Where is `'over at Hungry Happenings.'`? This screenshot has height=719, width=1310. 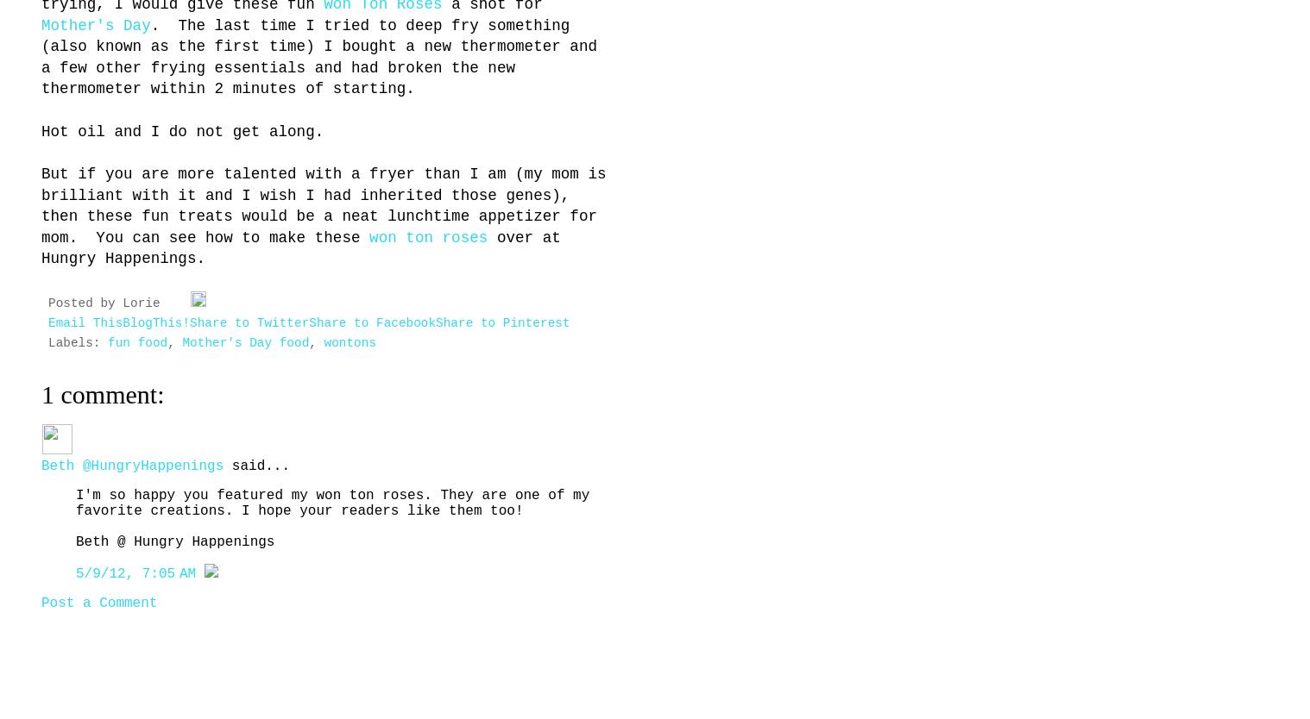 'over at Hungry Happenings.' is located at coordinates (299, 247).